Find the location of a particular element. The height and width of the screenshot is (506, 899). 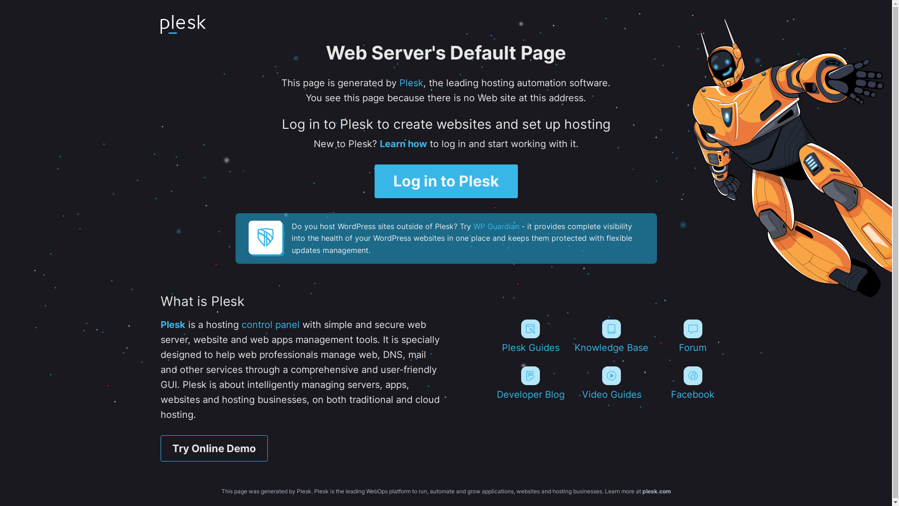

'Knowledge Base' is located at coordinates (612, 335).